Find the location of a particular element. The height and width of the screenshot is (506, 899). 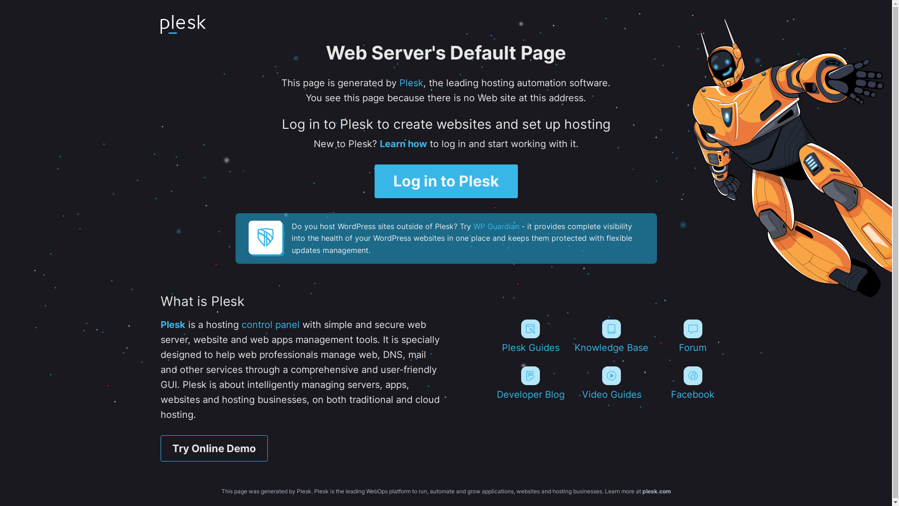

'Knowledge Base' is located at coordinates (612, 335).